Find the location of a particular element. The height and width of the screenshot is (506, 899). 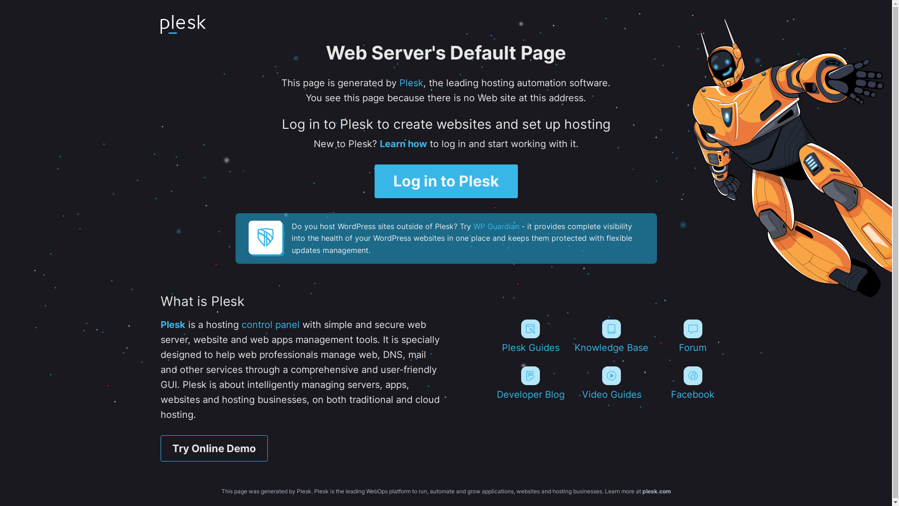

'Knowledge Base' is located at coordinates (612, 335).